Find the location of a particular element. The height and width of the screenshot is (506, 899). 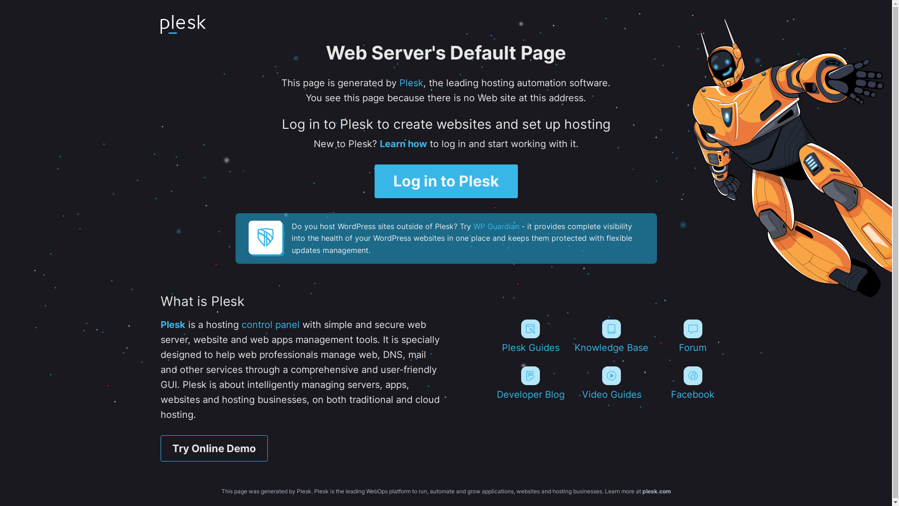

'Knowledge Base' is located at coordinates (612, 335).